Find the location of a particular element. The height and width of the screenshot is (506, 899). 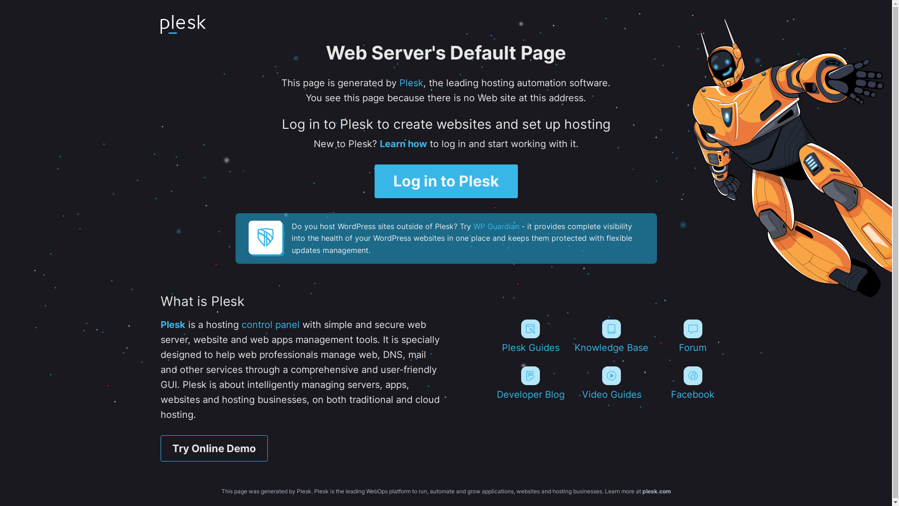

'Knowledge Base' is located at coordinates (612, 335).